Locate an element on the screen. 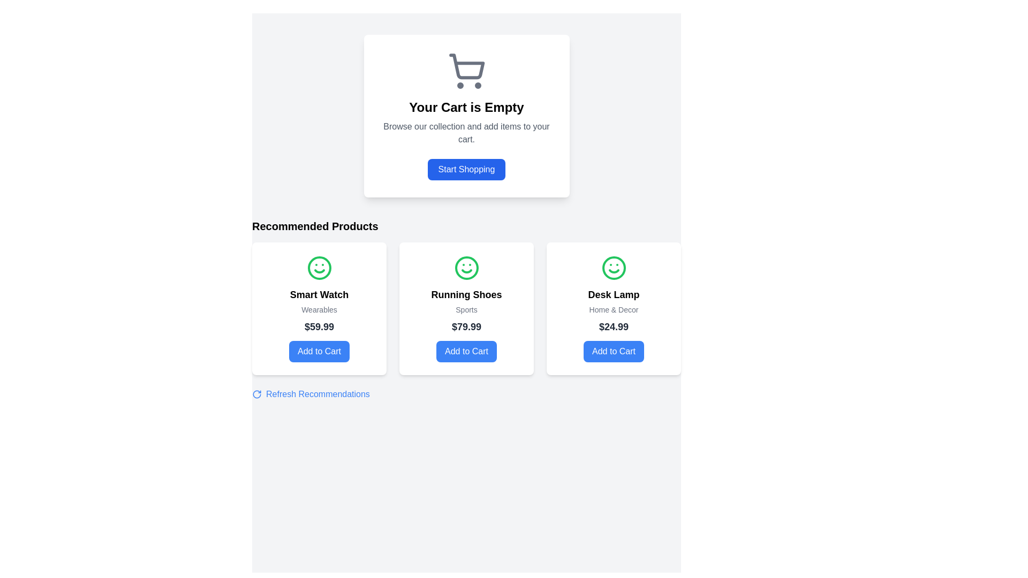 This screenshot has width=1028, height=578. the smile curve within the circular face icon in the middle of the second row of the 'Recommended Products' section is located at coordinates (319, 270).